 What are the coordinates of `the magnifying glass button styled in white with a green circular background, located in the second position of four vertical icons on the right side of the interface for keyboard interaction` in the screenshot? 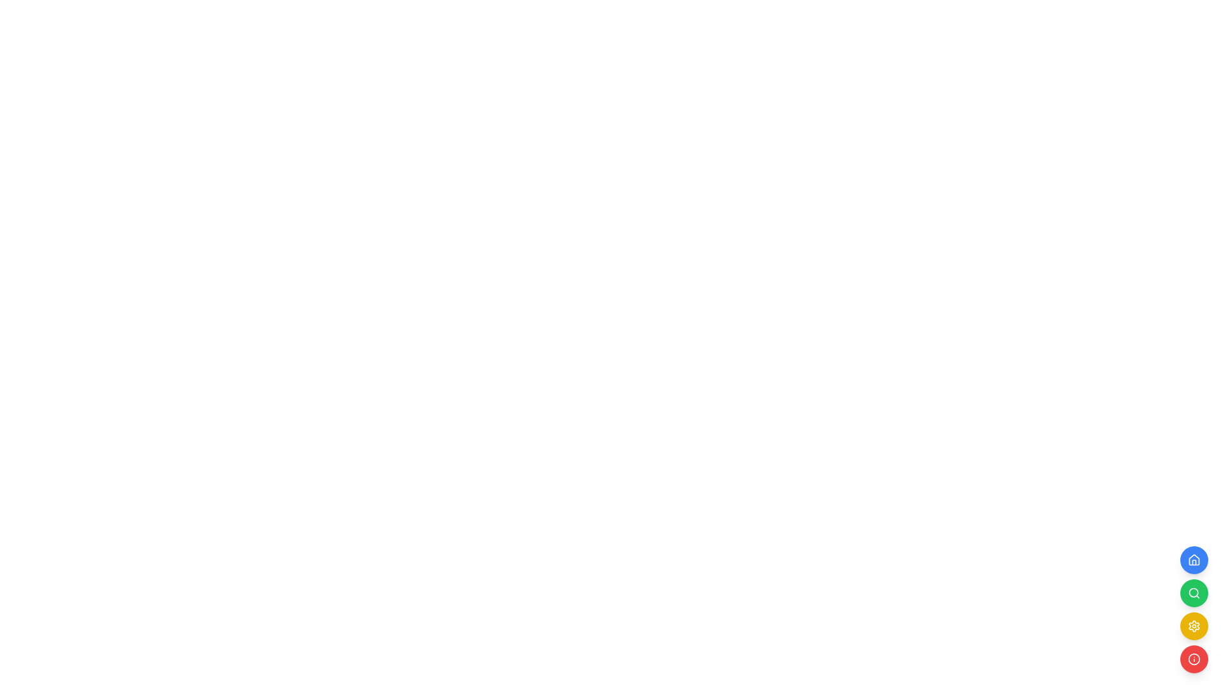 It's located at (1193, 593).